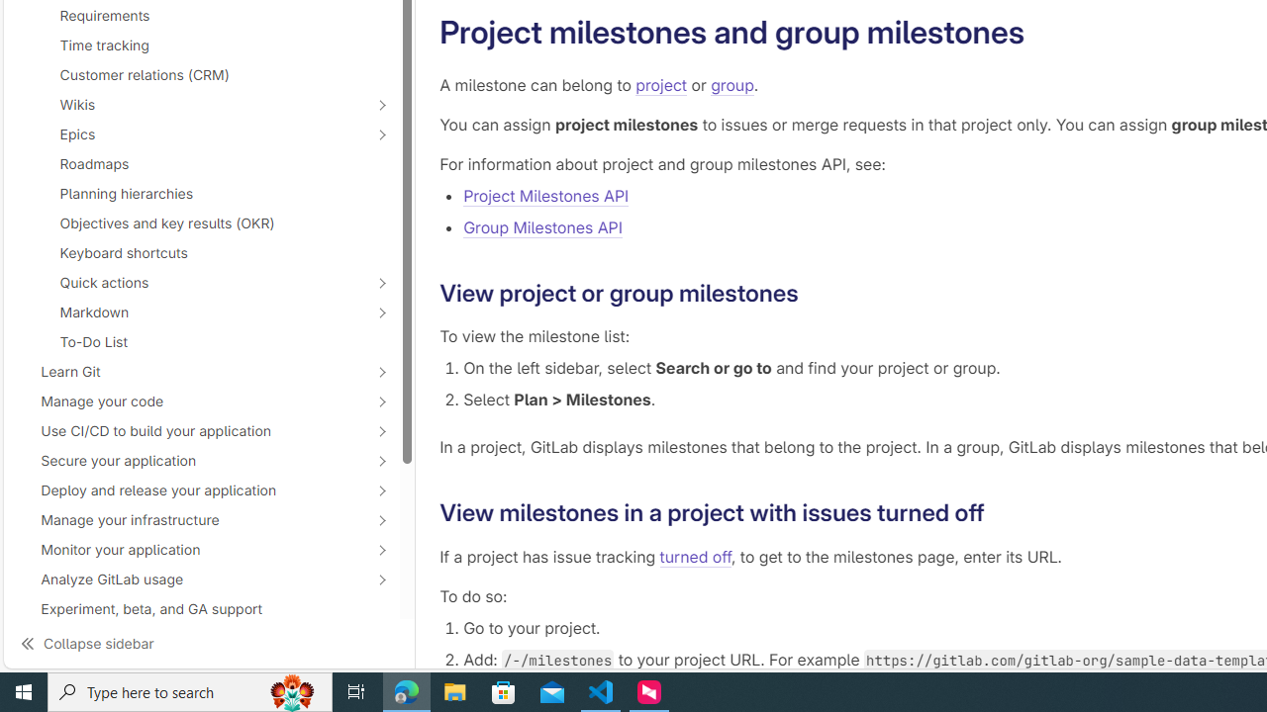  Describe the element at coordinates (209, 643) in the screenshot. I see `'Collapse sidebar'` at that location.